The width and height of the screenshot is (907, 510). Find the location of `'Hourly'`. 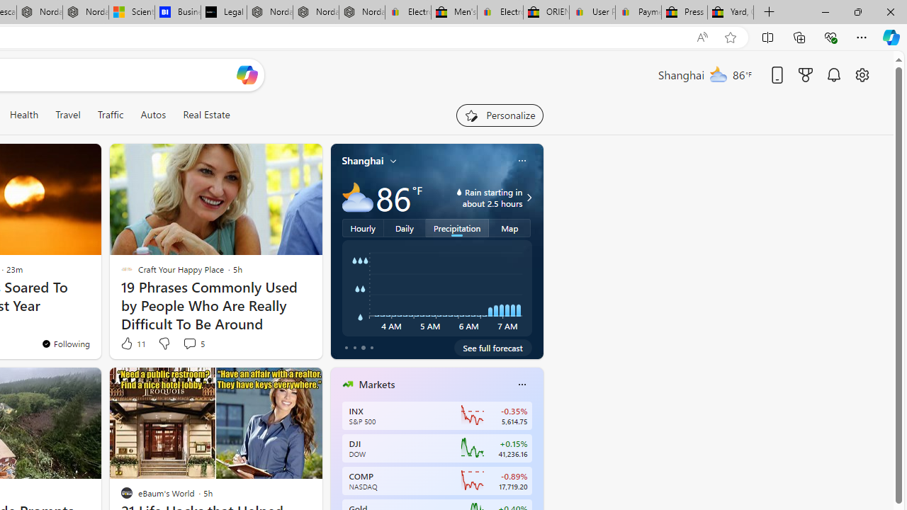

'Hourly' is located at coordinates (363, 227).